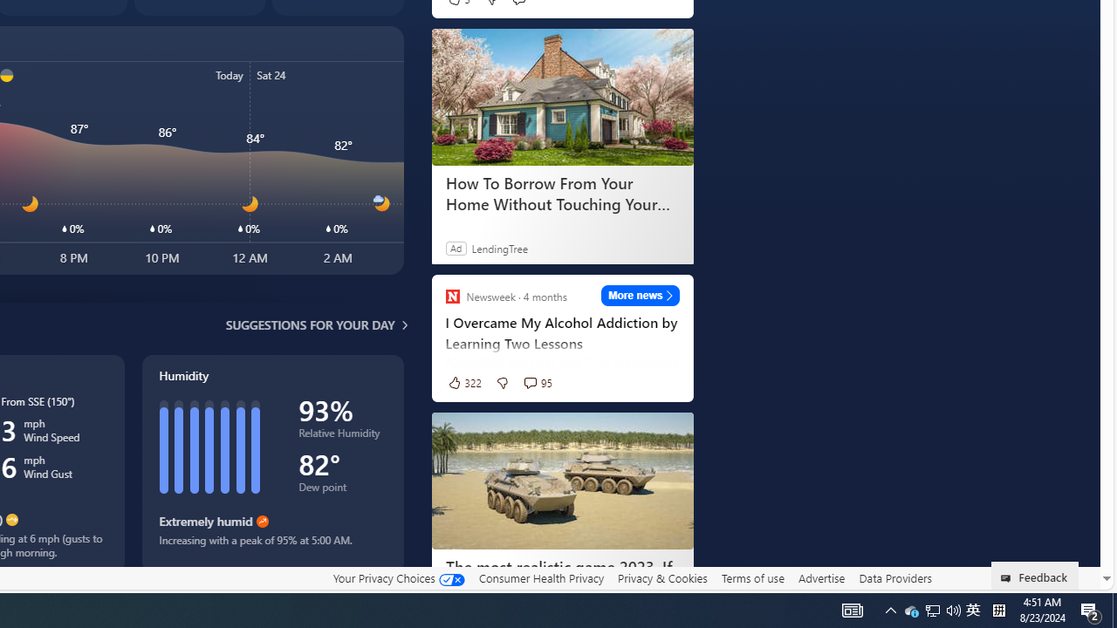 The image size is (1117, 628). I want to click on 'Suggestions for your day', so click(310, 324).